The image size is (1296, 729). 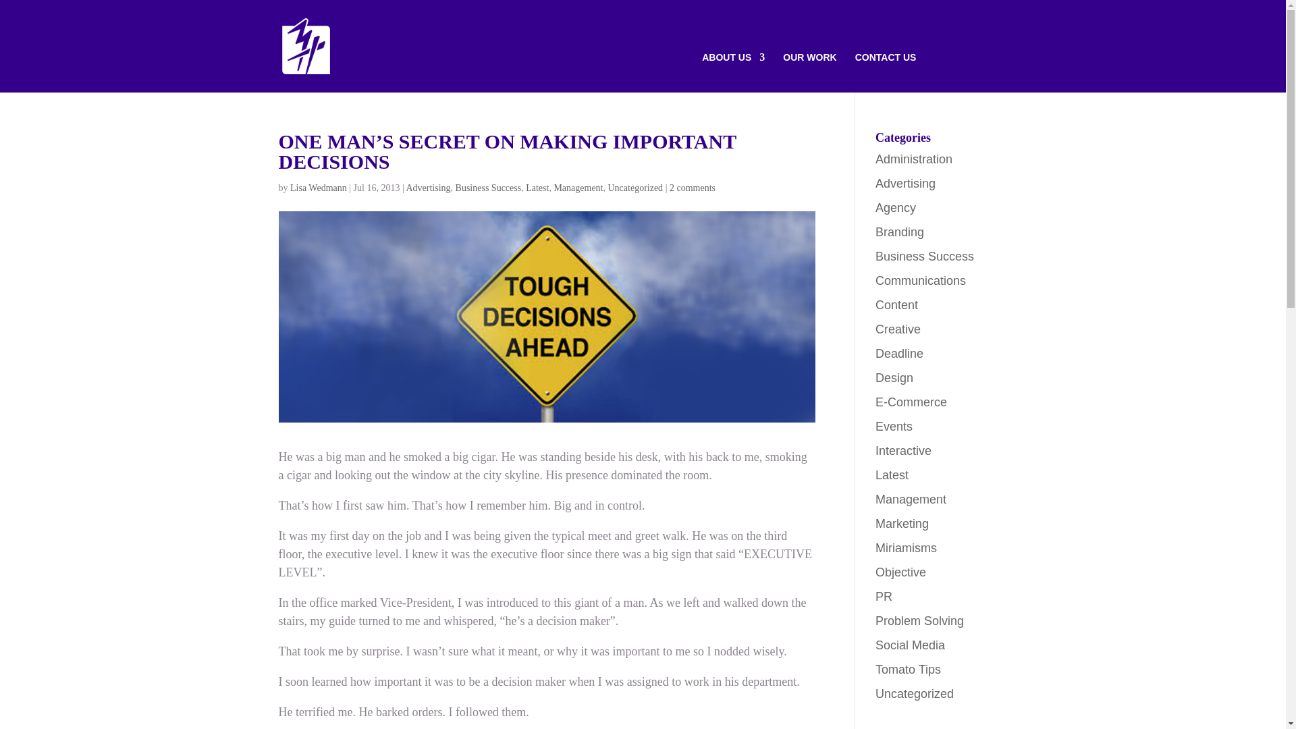 What do you see at coordinates (919, 621) in the screenshot?
I see `'Problem Solving'` at bounding box center [919, 621].